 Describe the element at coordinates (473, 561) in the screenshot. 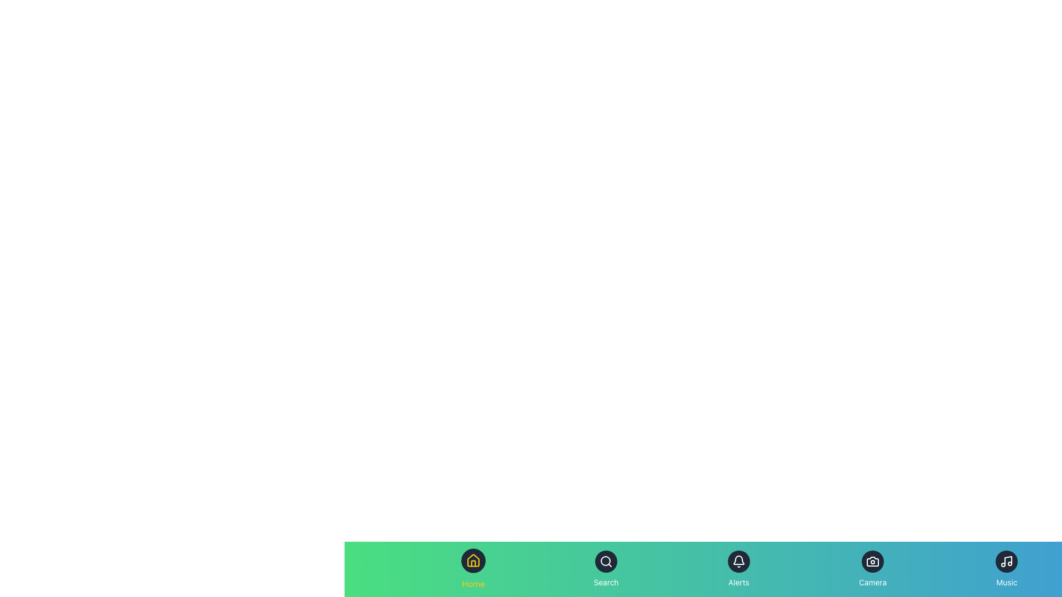

I see `the house icon, which serves as the navigation point to the home or dashboard page of the application` at that location.